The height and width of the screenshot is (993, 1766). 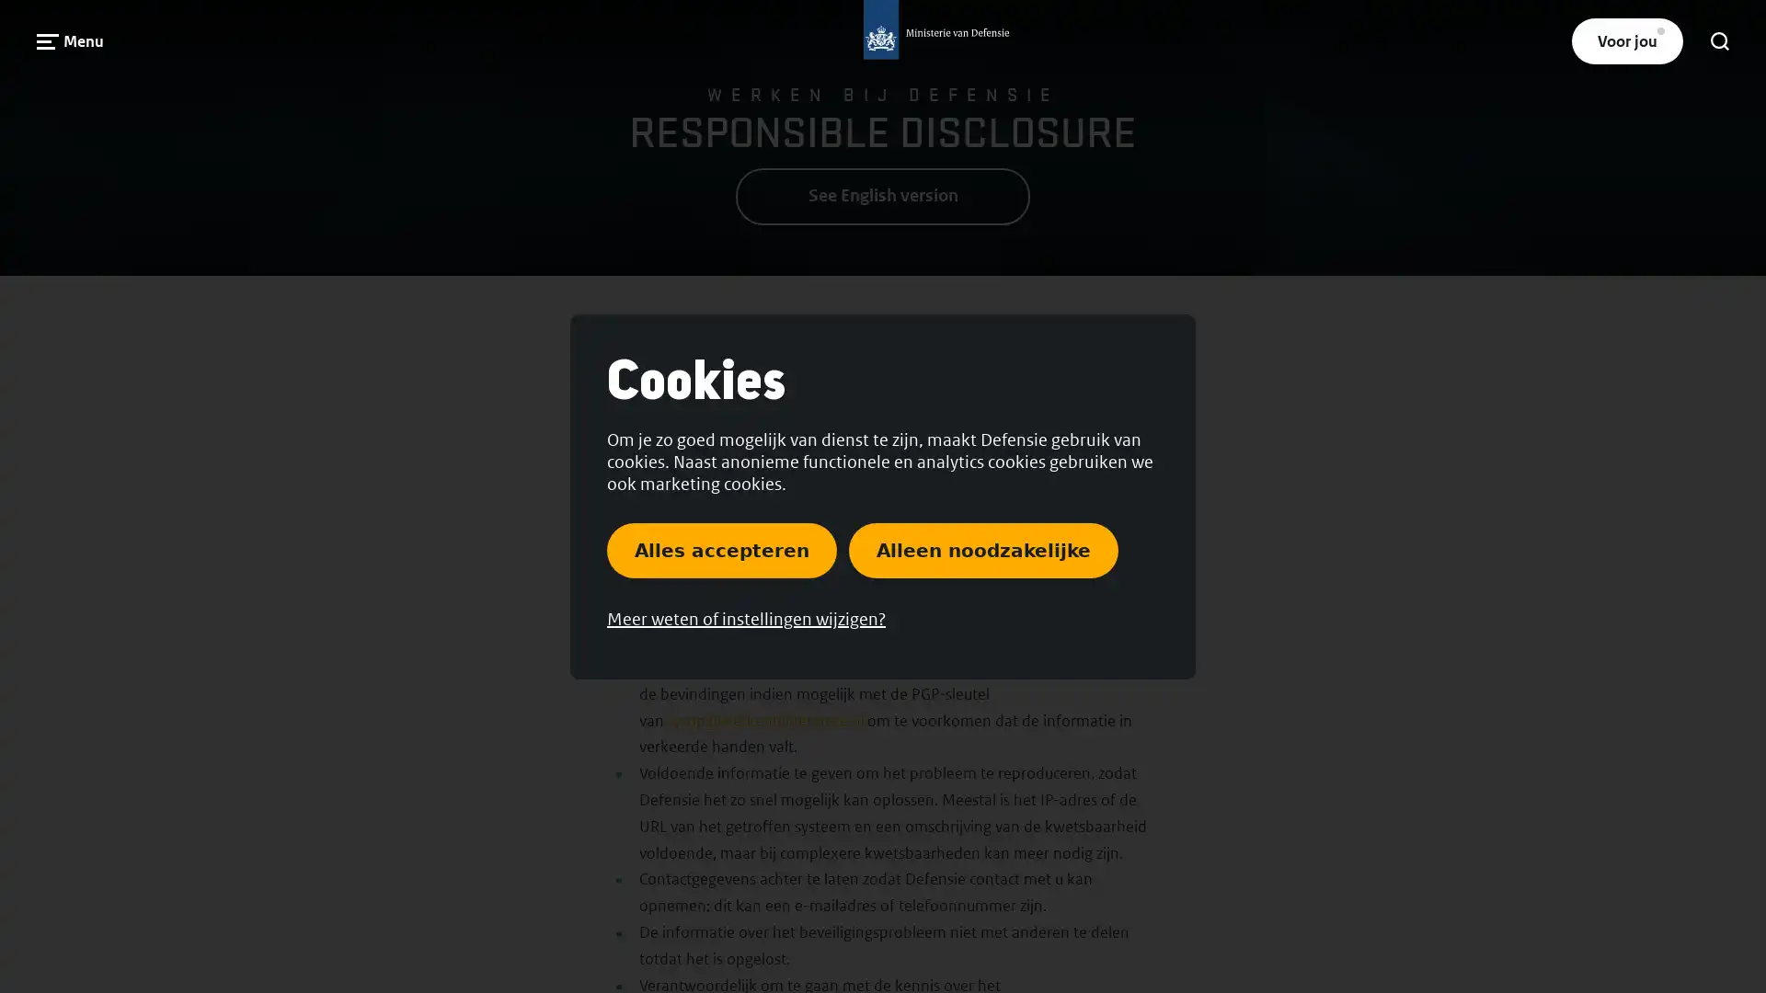 What do you see at coordinates (721, 548) in the screenshot?
I see `Alles accepteren` at bounding box center [721, 548].